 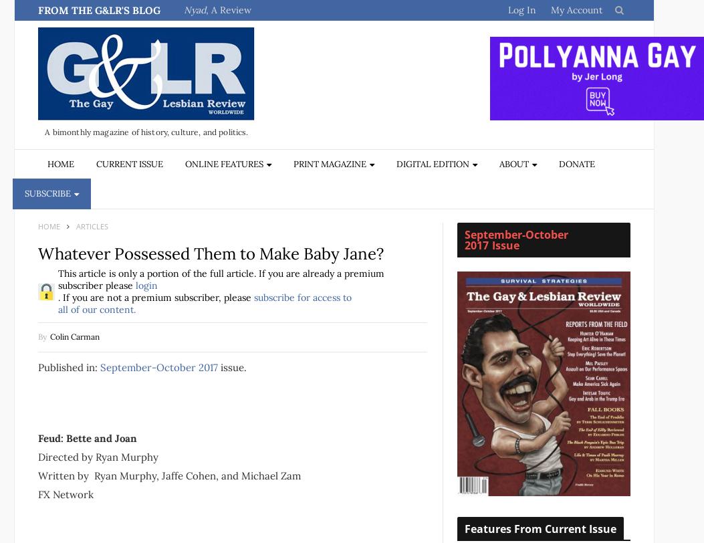 What do you see at coordinates (66, 494) in the screenshot?
I see `'FX Network'` at bounding box center [66, 494].